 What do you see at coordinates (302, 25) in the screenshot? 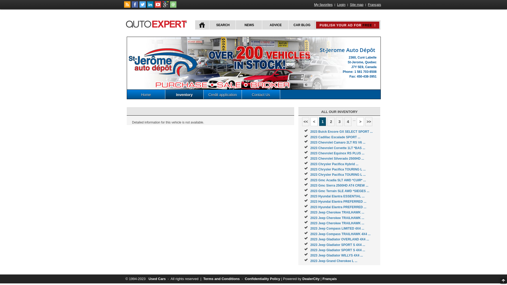
I see `'CAR BLOG'` at bounding box center [302, 25].